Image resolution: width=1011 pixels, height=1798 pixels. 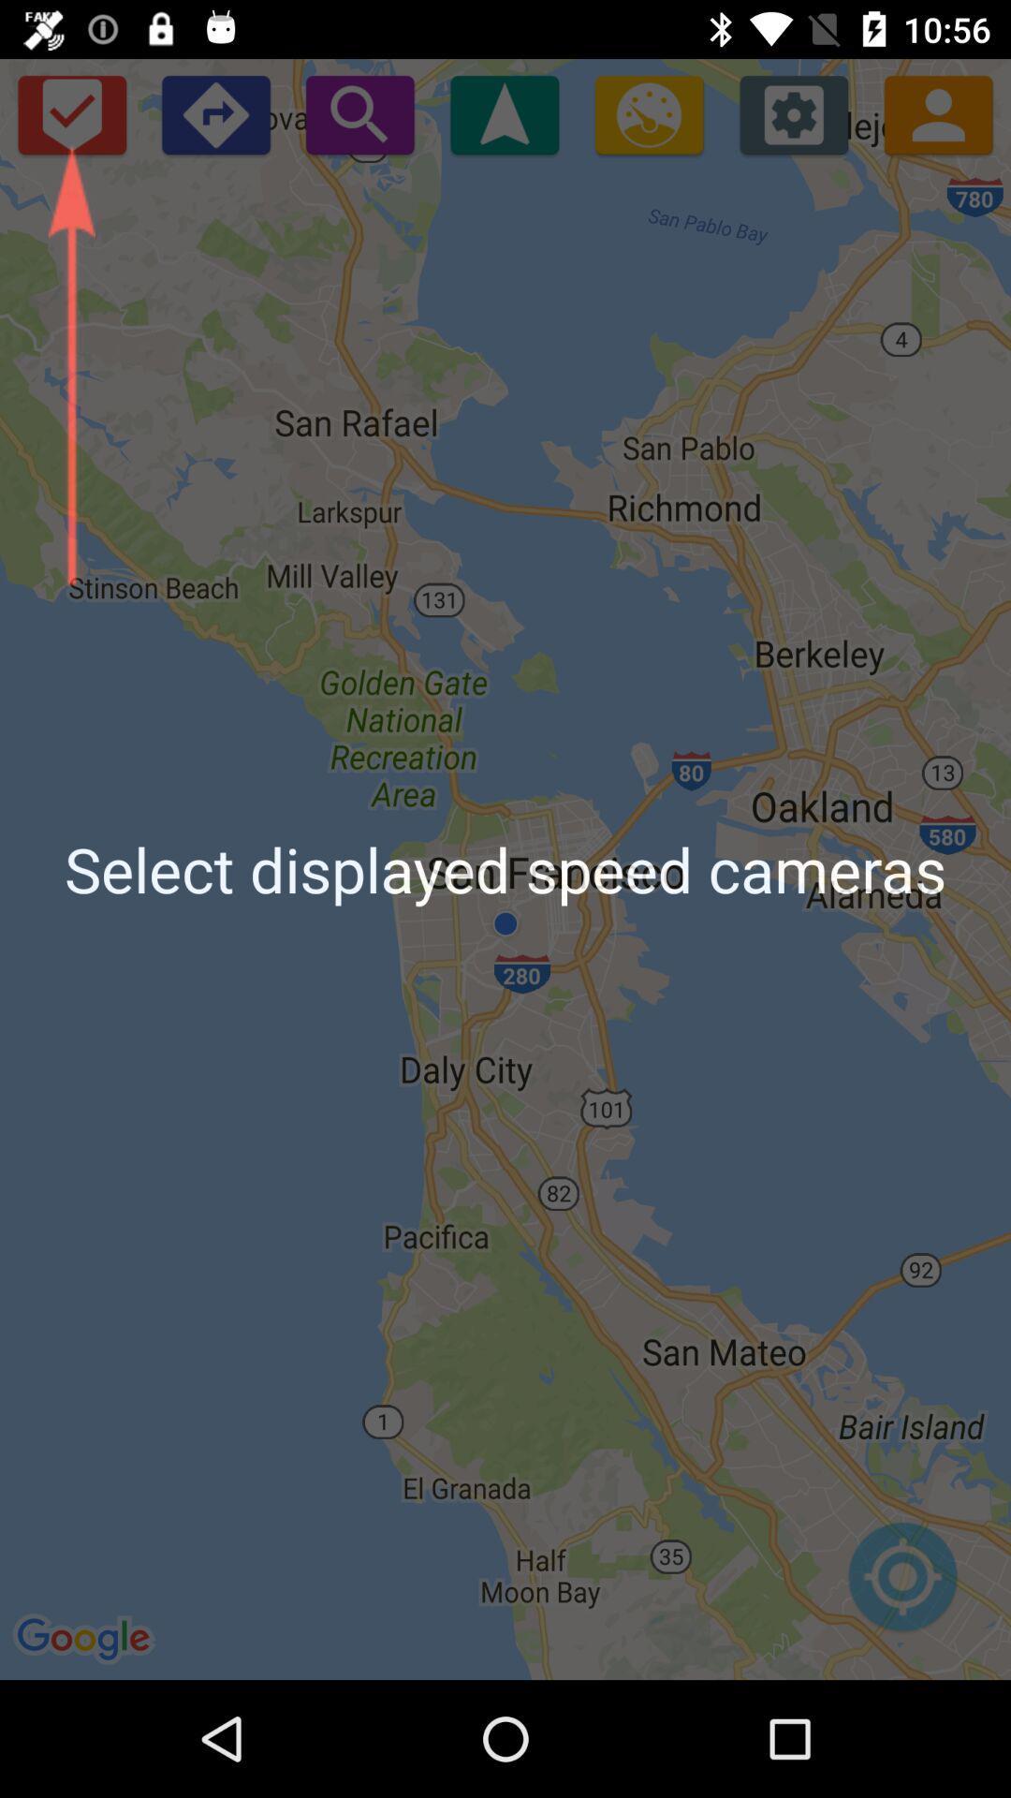 I want to click on app above the select displayed speed, so click(x=938, y=113).